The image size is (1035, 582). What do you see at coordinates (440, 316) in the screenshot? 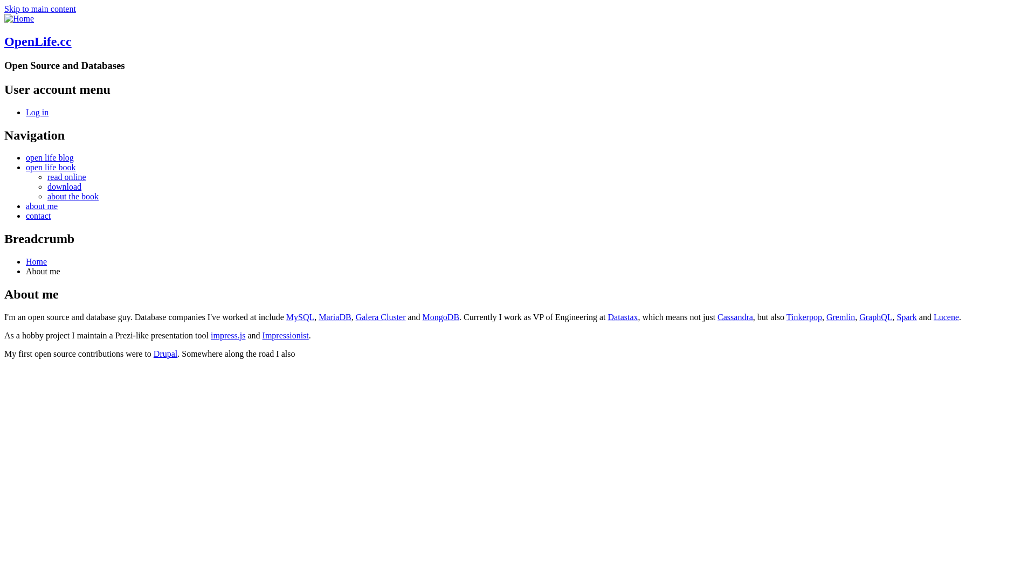
I see `'MongoDB'` at bounding box center [440, 316].